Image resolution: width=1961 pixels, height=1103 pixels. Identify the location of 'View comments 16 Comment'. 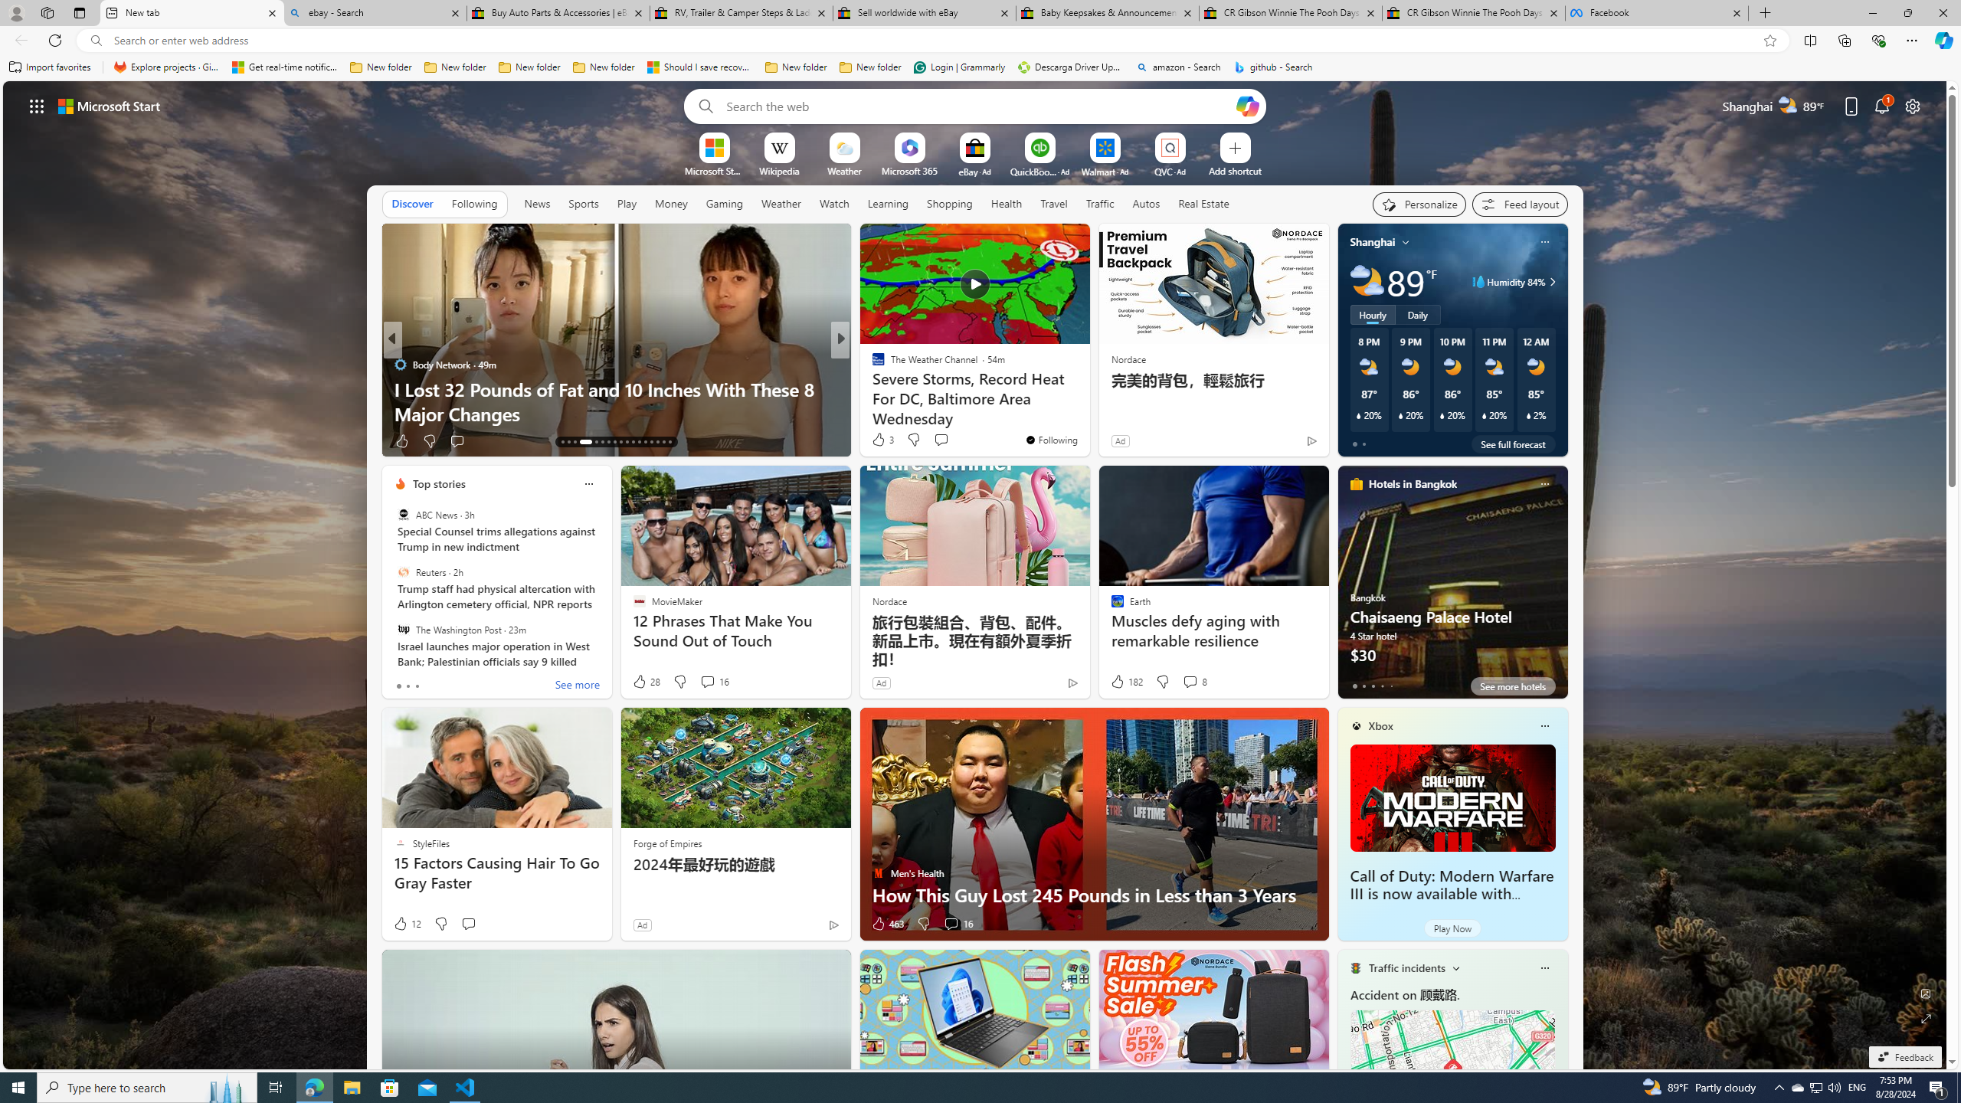
(950, 924).